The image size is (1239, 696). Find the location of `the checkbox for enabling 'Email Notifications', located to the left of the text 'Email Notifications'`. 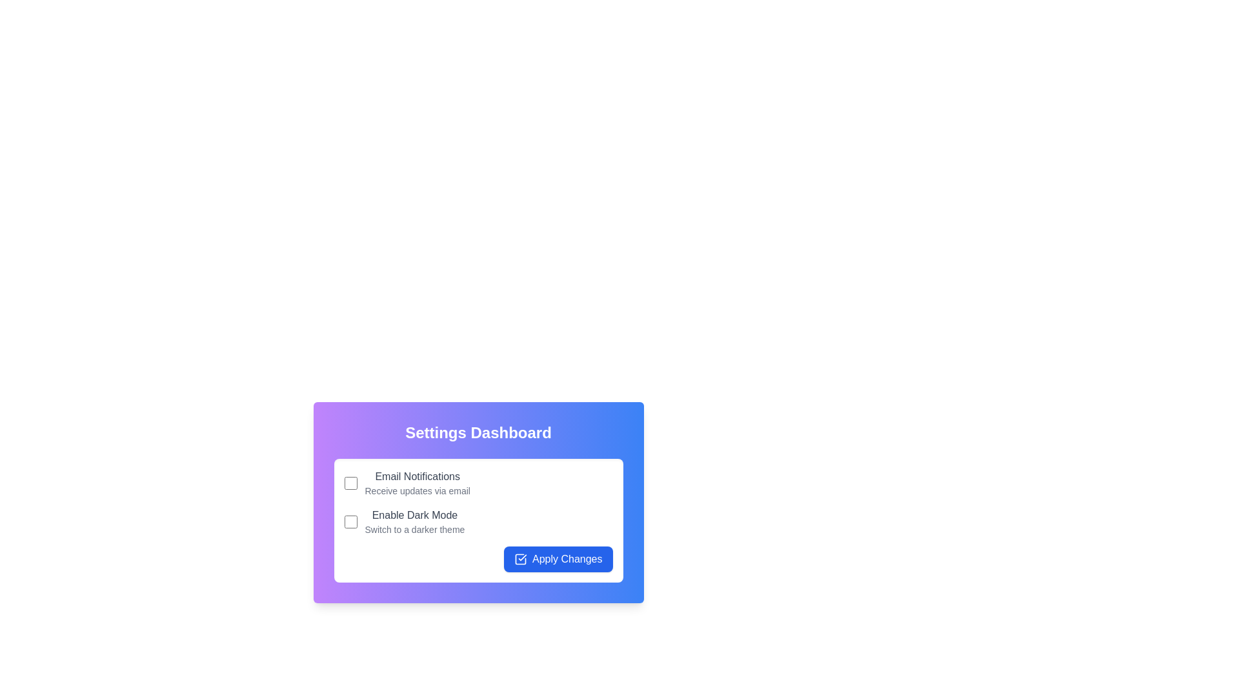

the checkbox for enabling 'Email Notifications', located to the left of the text 'Email Notifications' is located at coordinates (350, 483).